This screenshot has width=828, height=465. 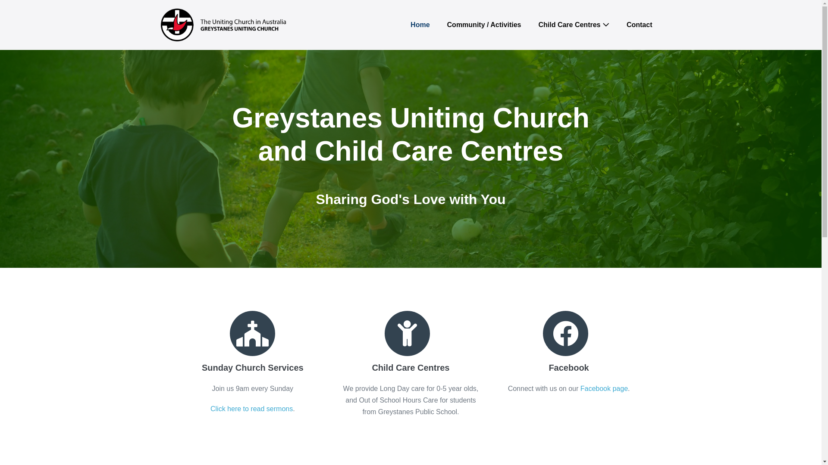 I want to click on 'Home', so click(x=420, y=24).